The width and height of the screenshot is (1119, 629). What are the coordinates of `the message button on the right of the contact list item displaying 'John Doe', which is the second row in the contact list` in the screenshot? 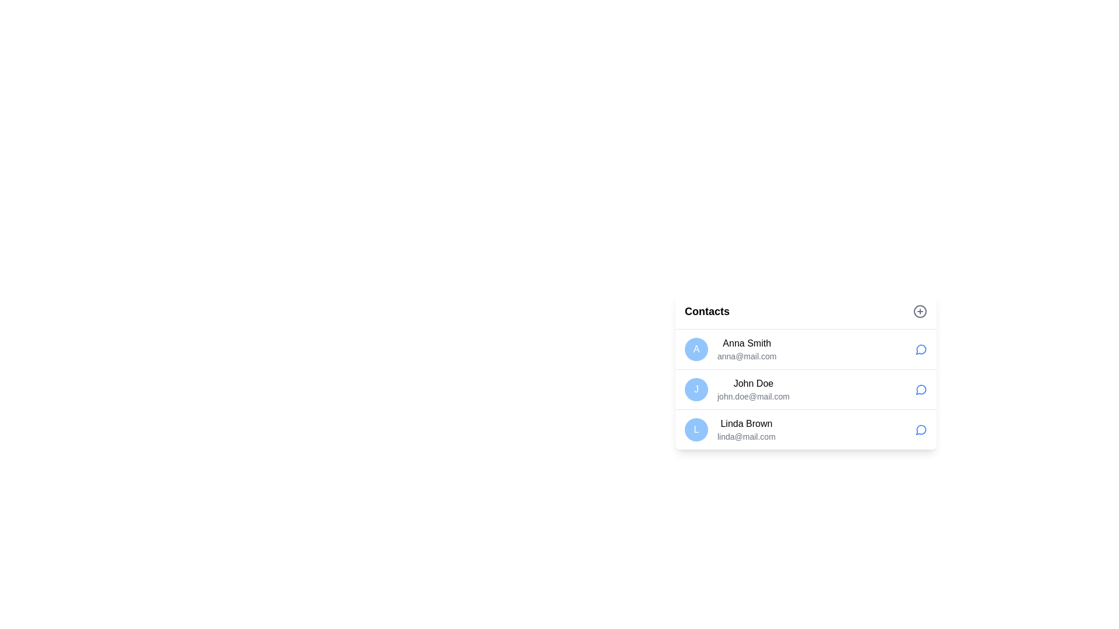 It's located at (805, 371).